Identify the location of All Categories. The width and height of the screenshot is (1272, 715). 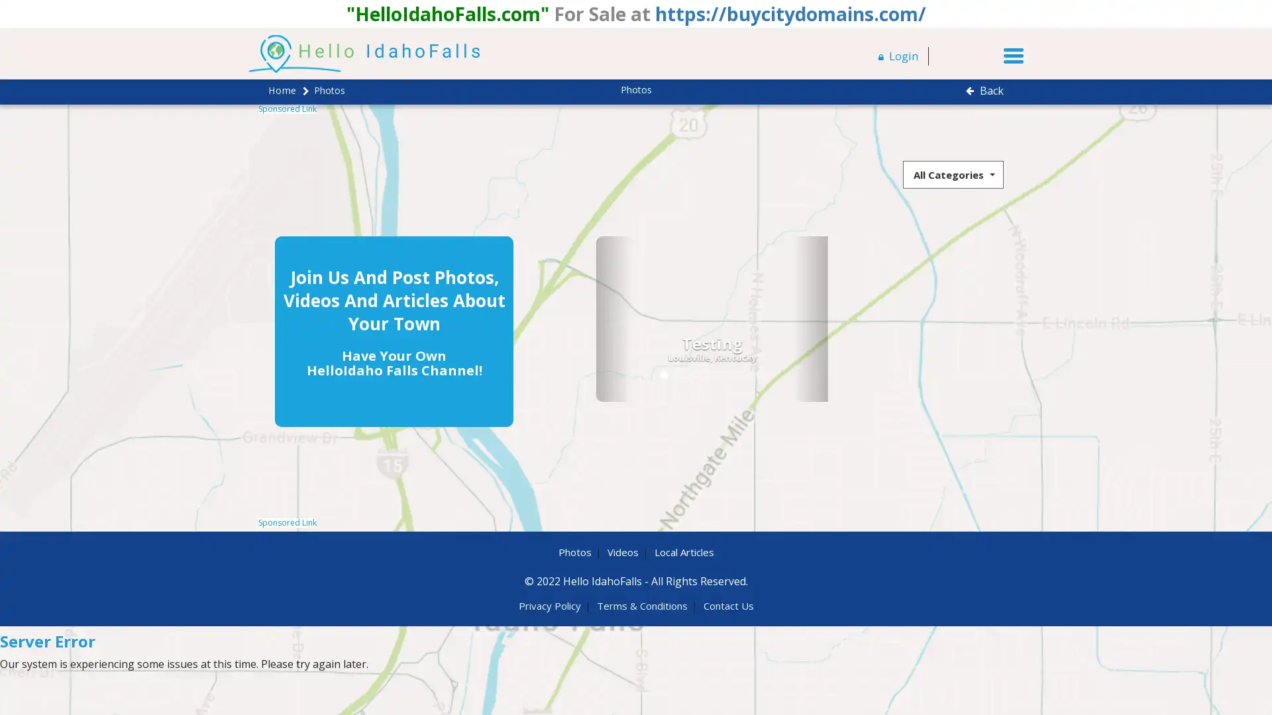
(953, 173).